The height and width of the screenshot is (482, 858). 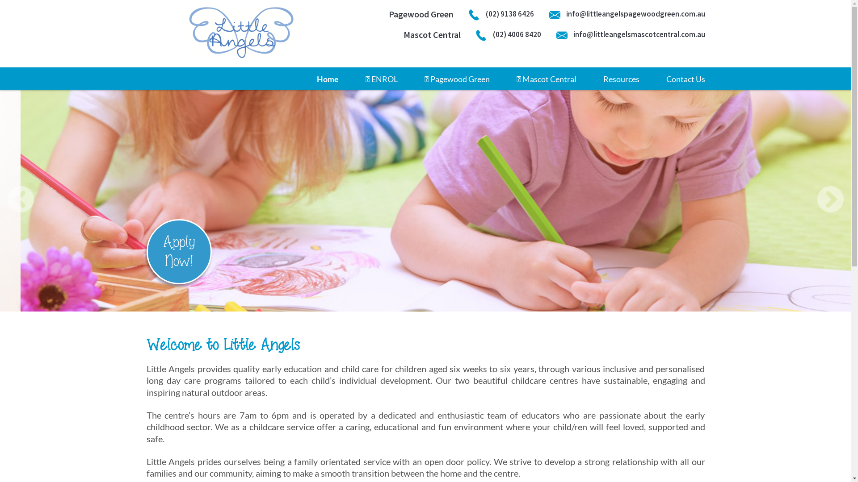 What do you see at coordinates (179, 251) in the screenshot?
I see `'Apply` at bounding box center [179, 251].